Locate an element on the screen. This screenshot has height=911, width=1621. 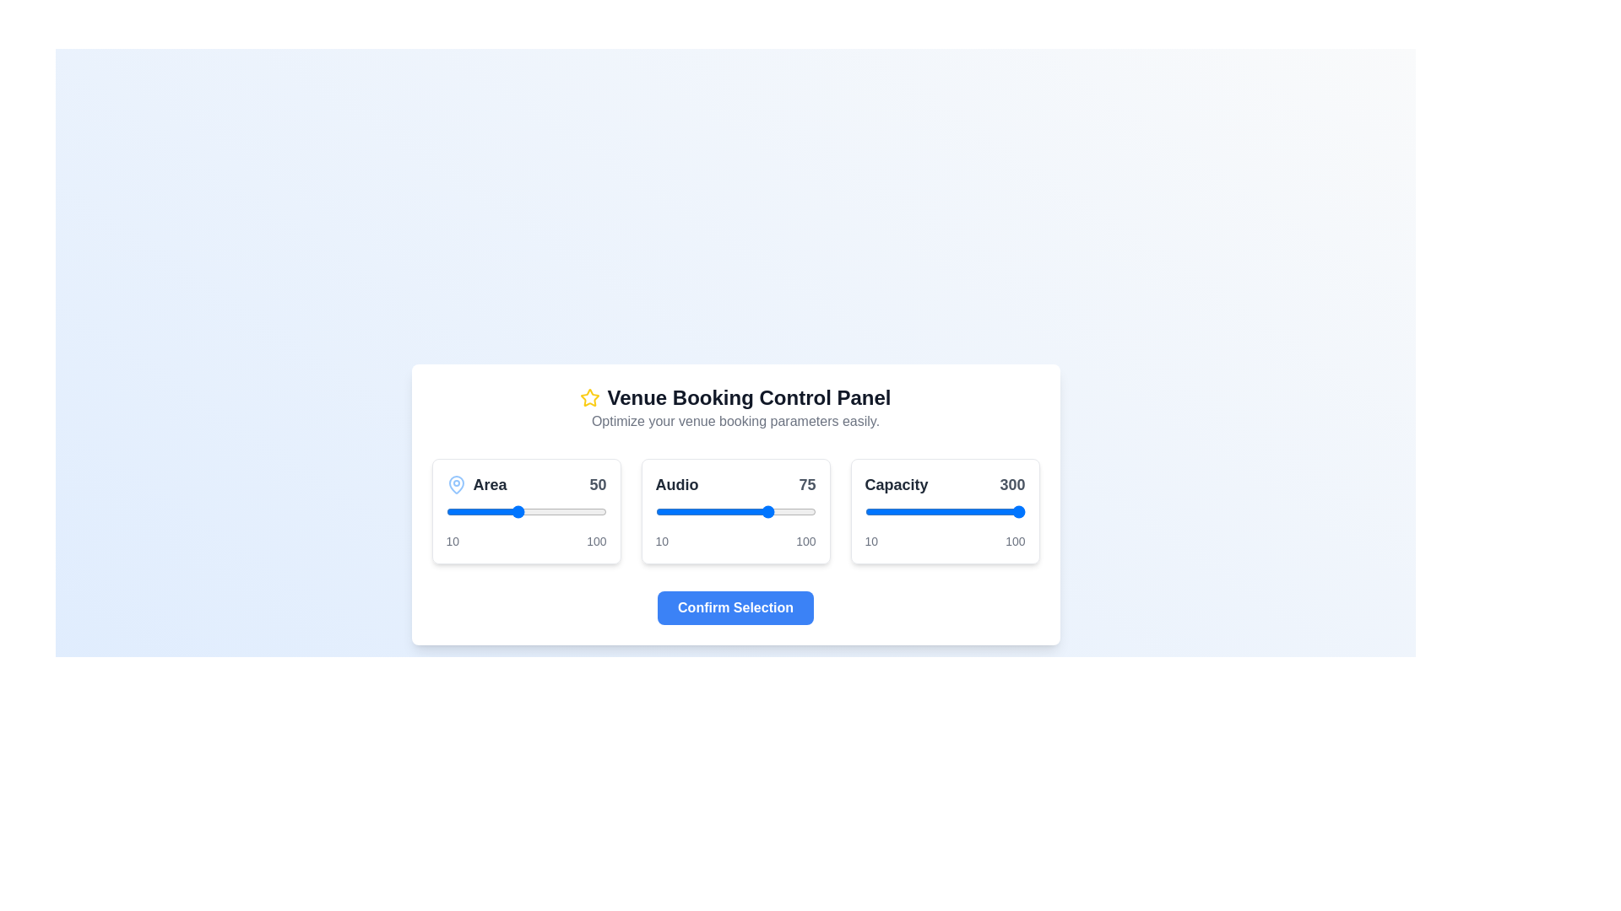
the audio level is located at coordinates (670, 510).